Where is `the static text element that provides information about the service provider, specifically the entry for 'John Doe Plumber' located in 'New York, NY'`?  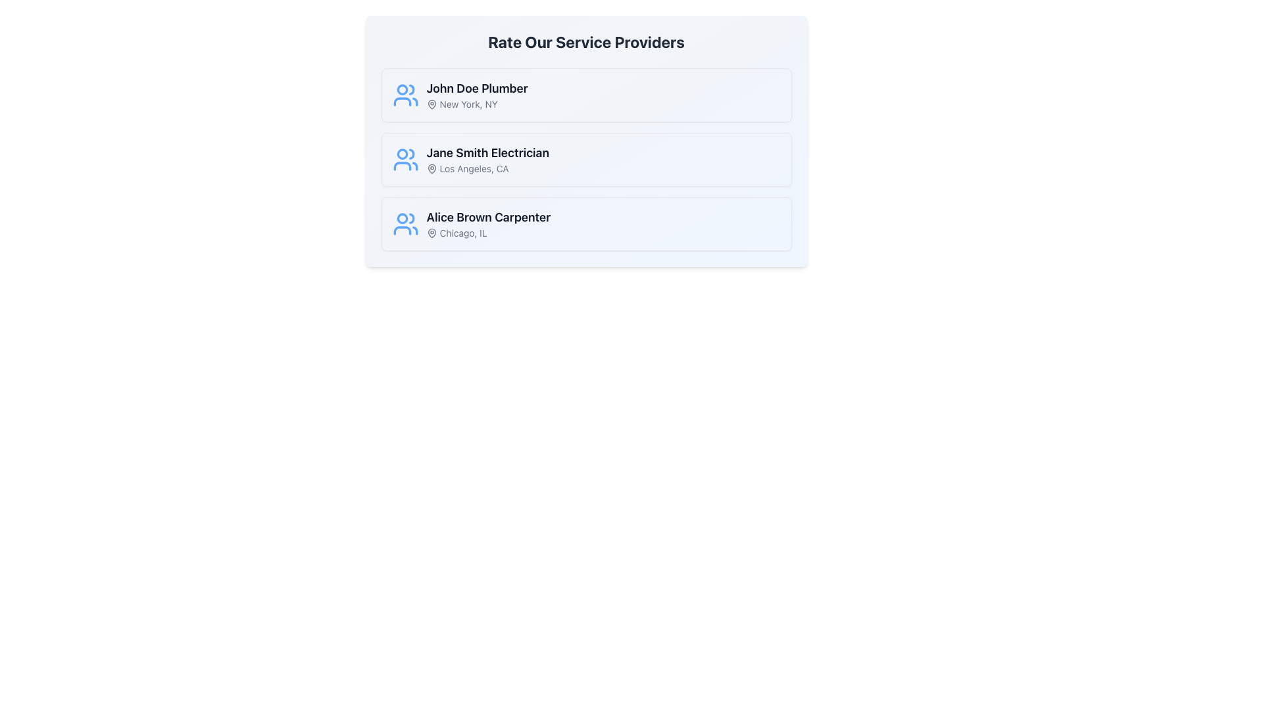 the static text element that provides information about the service provider, specifically the entry for 'John Doe Plumber' located in 'New York, NY' is located at coordinates (460, 95).